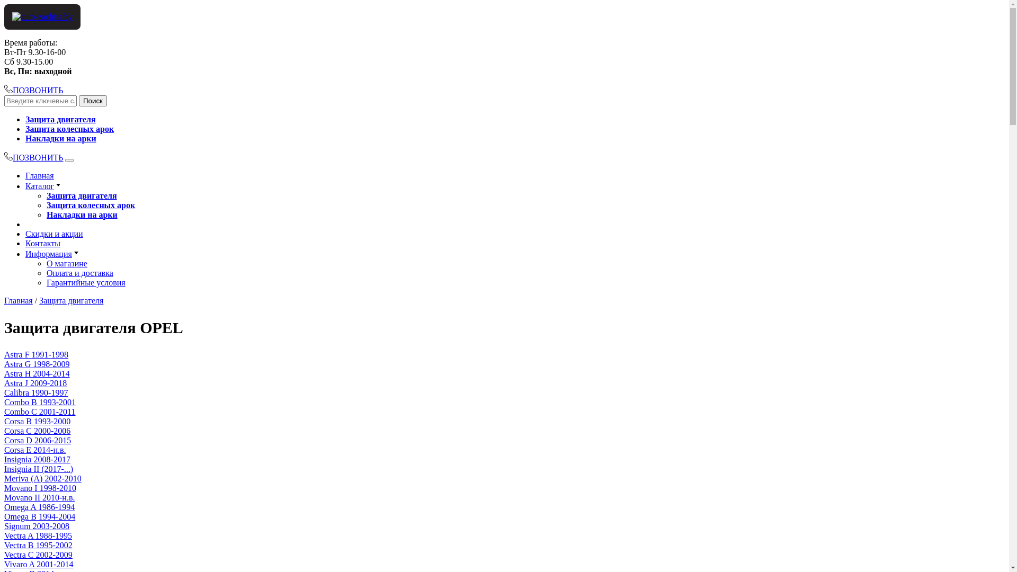 Image resolution: width=1017 pixels, height=572 pixels. I want to click on 'Combo B 1993-2001', so click(4, 402).